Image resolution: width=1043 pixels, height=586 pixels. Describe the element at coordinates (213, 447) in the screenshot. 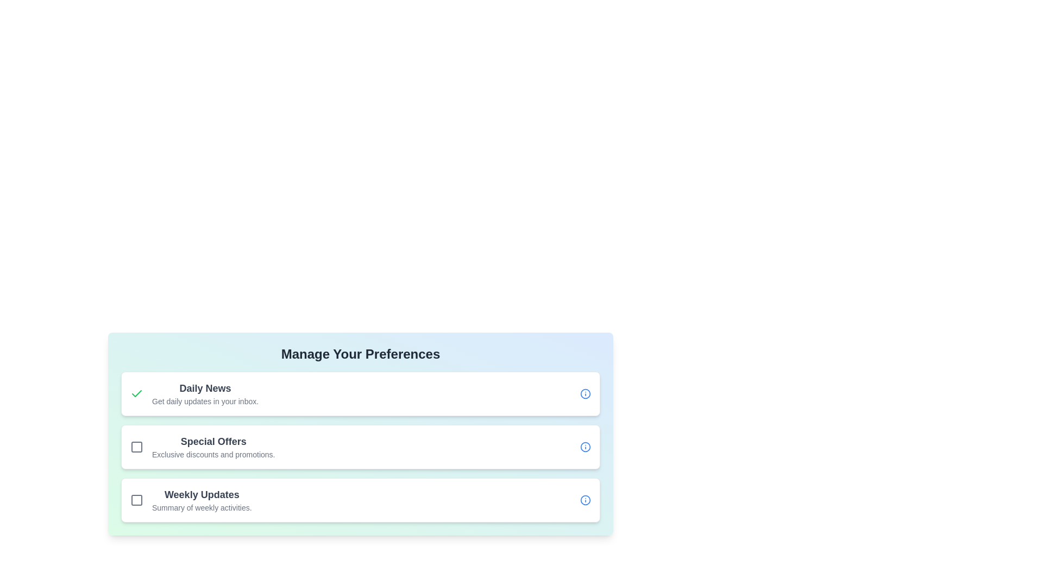

I see `the Text block that serves as a label for special offers and promotions, located between 'Daily News' and 'Weekly Updates' in a bordered and rounded background area` at that location.